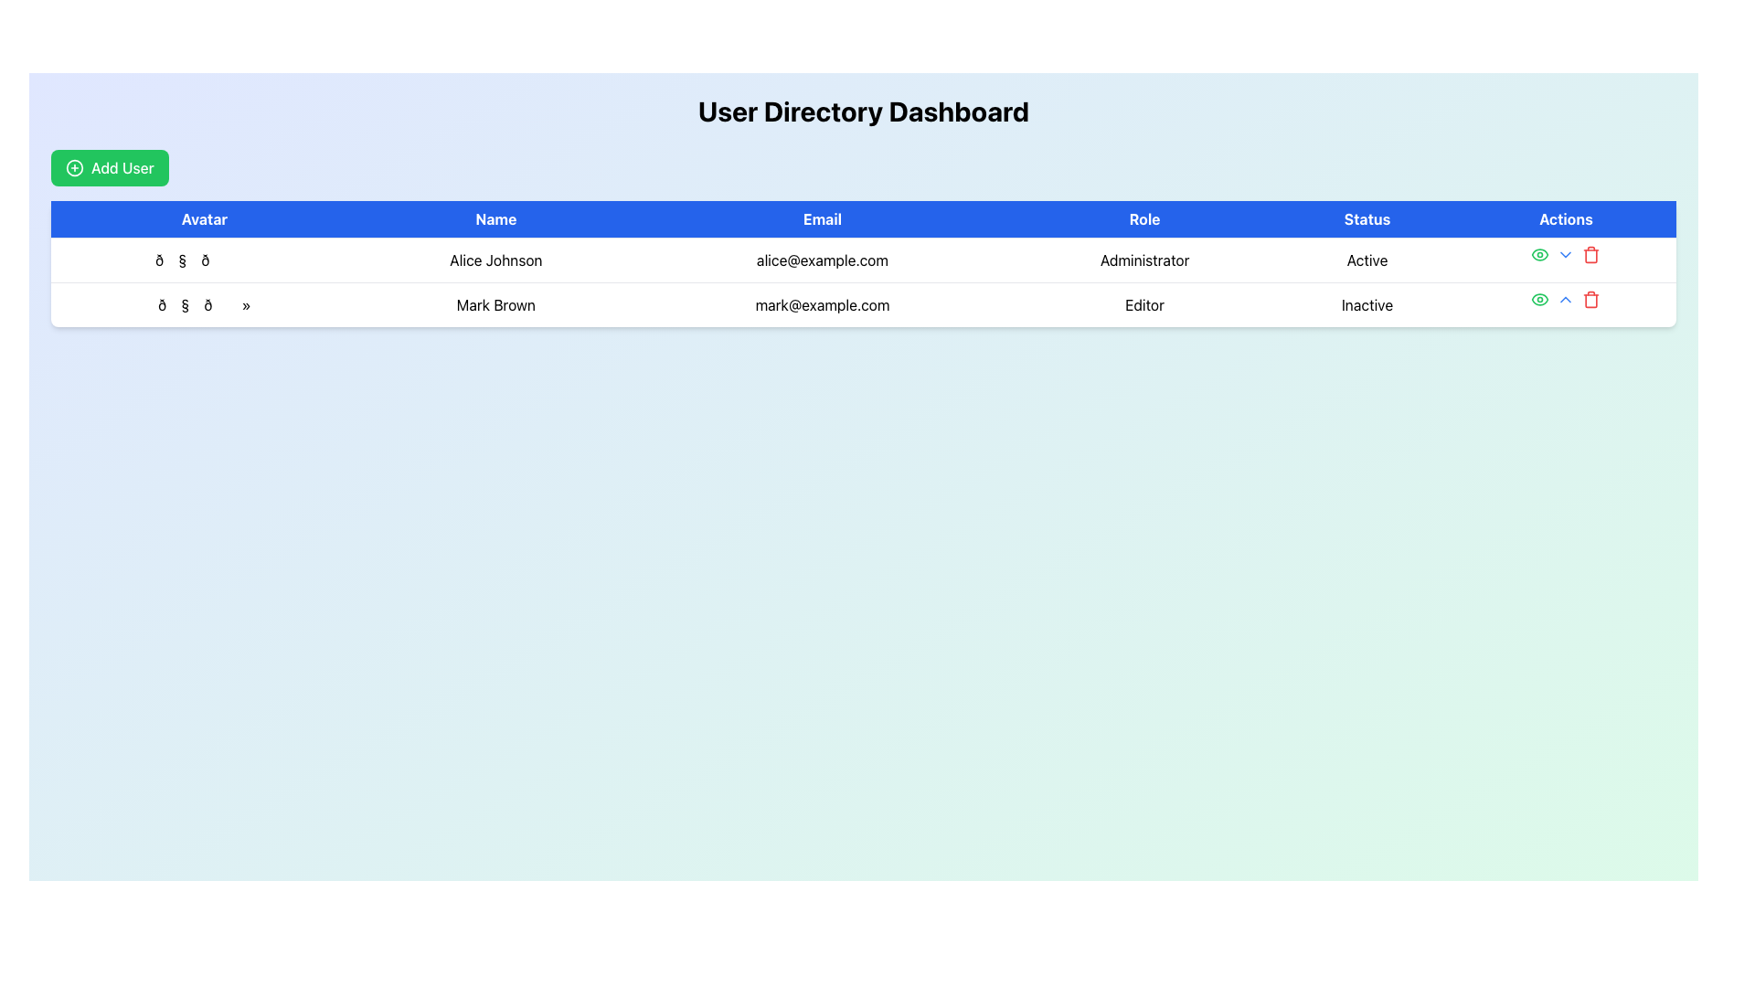 This screenshot has width=1755, height=987. What do you see at coordinates (1565, 218) in the screenshot?
I see `the 'Actions' text label, which is the sixth header in a row, located at the rightmost position and aligning with user action icons below it` at bounding box center [1565, 218].